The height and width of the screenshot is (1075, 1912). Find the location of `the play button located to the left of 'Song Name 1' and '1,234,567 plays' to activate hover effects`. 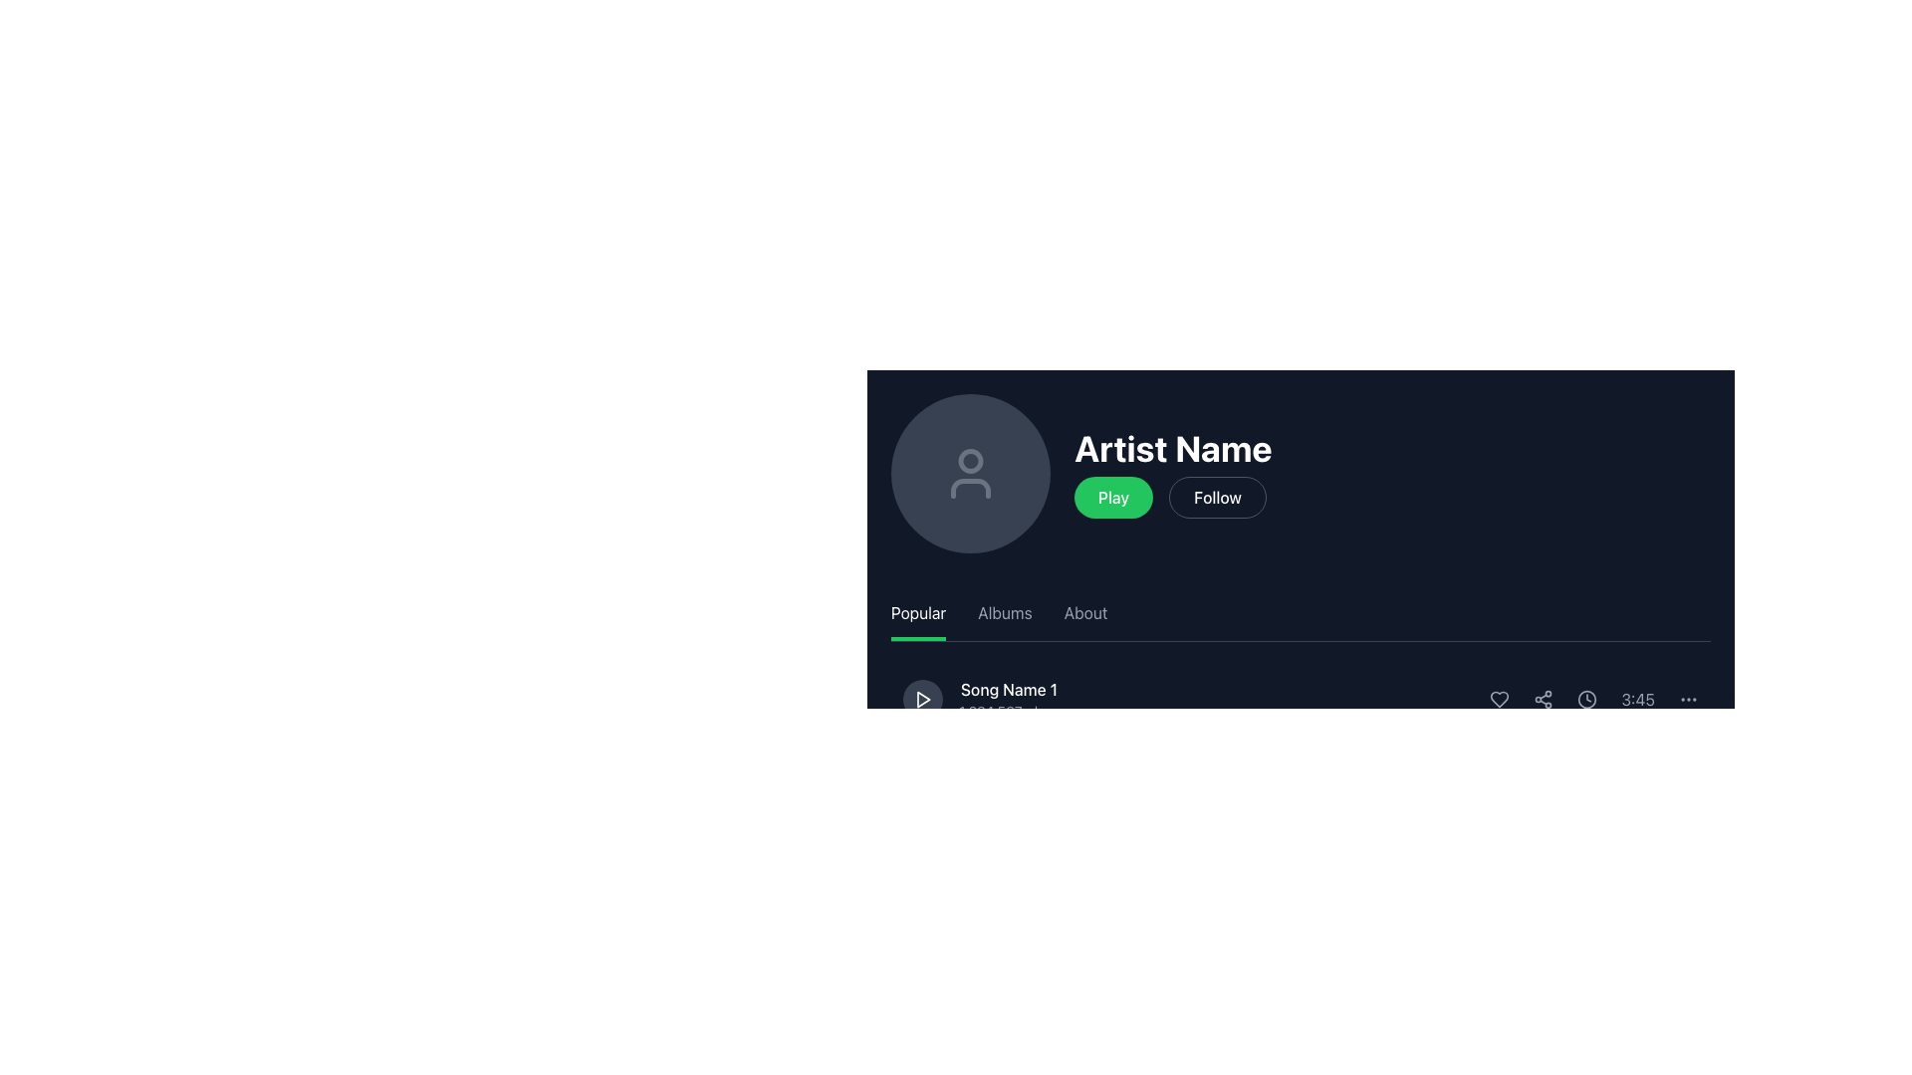

the play button located to the left of 'Song Name 1' and '1,234,567 plays' to activate hover effects is located at coordinates (921, 698).